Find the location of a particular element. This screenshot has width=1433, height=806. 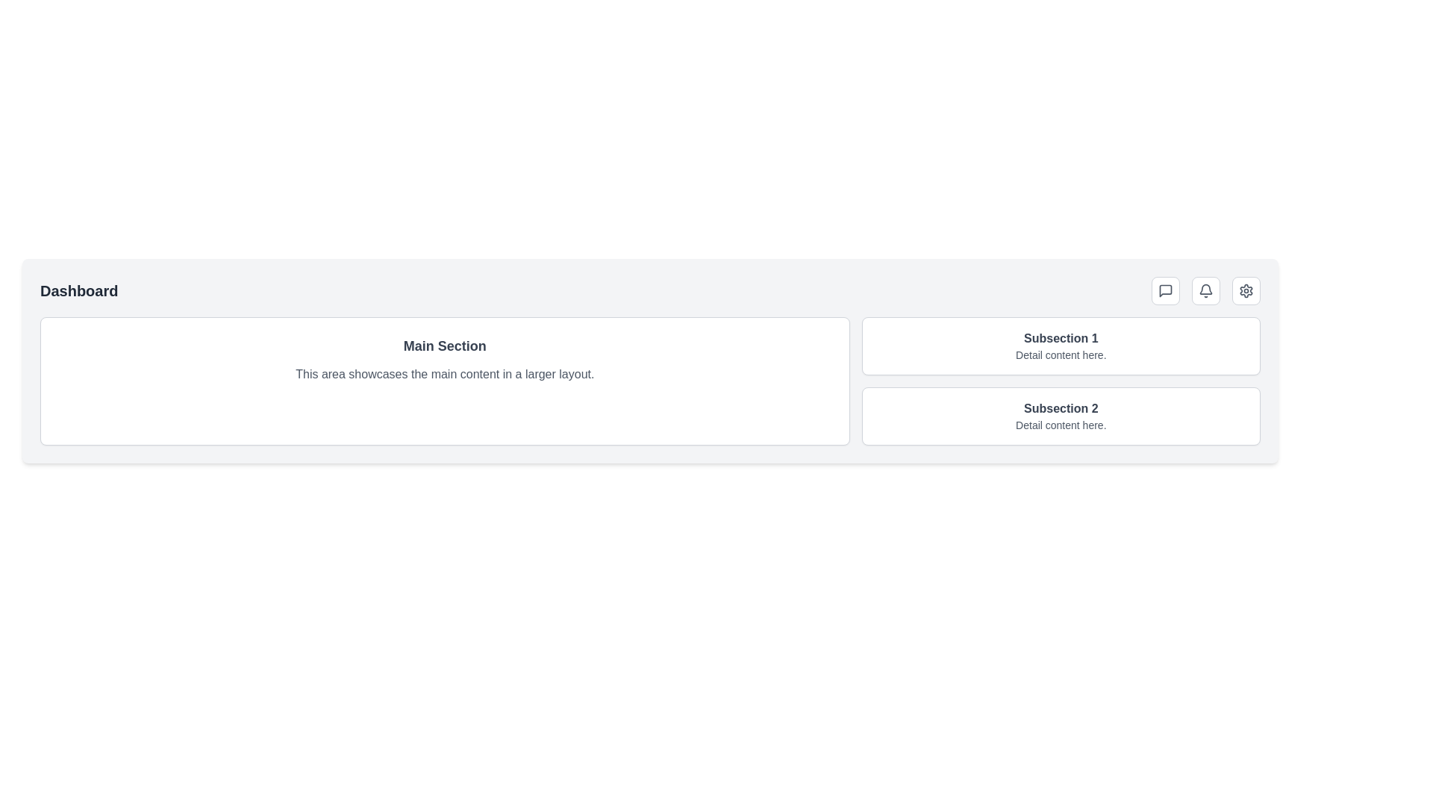

the text label displaying 'Dashboard', which is a prominently styled large and bold font located at the upper-left corner of the content area is located at coordinates (78, 290).